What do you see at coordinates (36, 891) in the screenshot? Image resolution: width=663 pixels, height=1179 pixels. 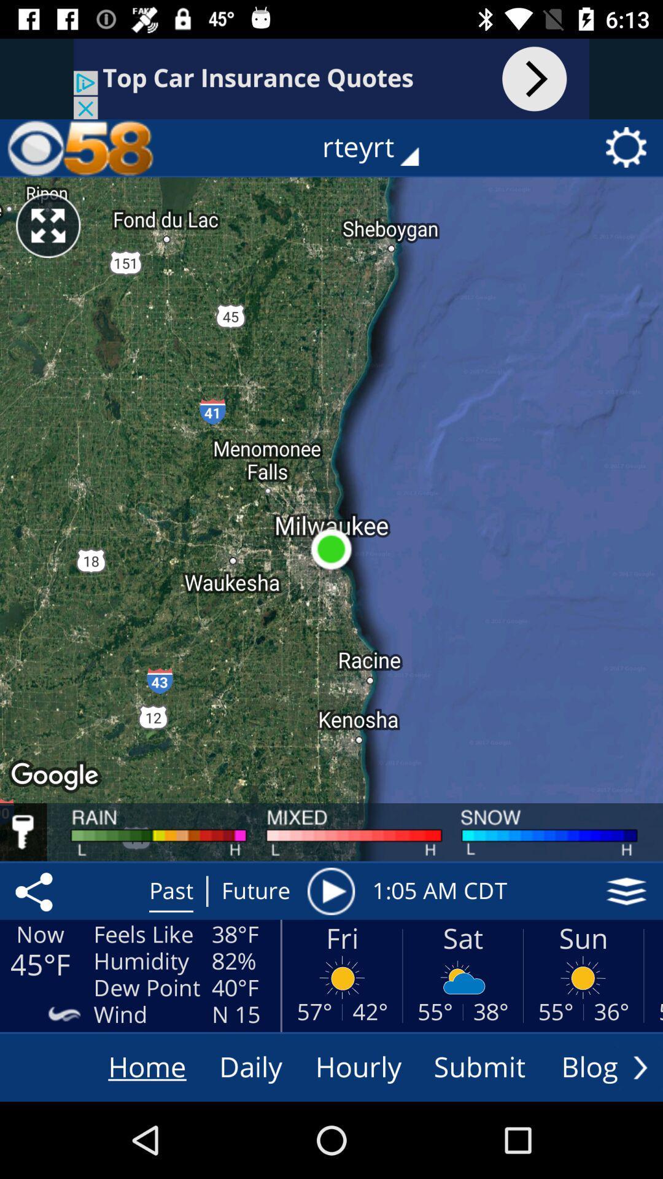 I see `share information` at bounding box center [36, 891].